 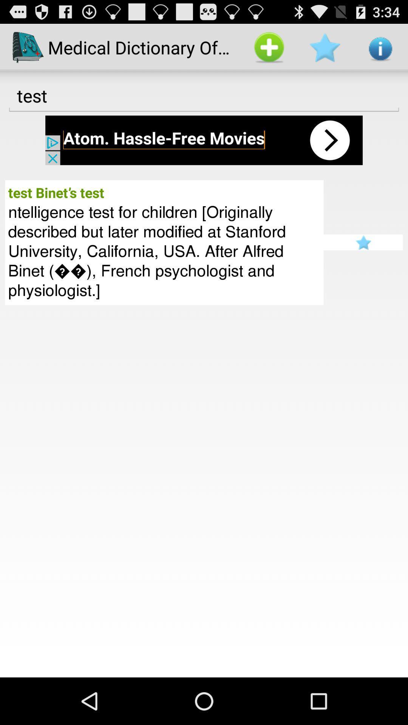 What do you see at coordinates (363, 242) in the screenshot?
I see `click star button` at bounding box center [363, 242].